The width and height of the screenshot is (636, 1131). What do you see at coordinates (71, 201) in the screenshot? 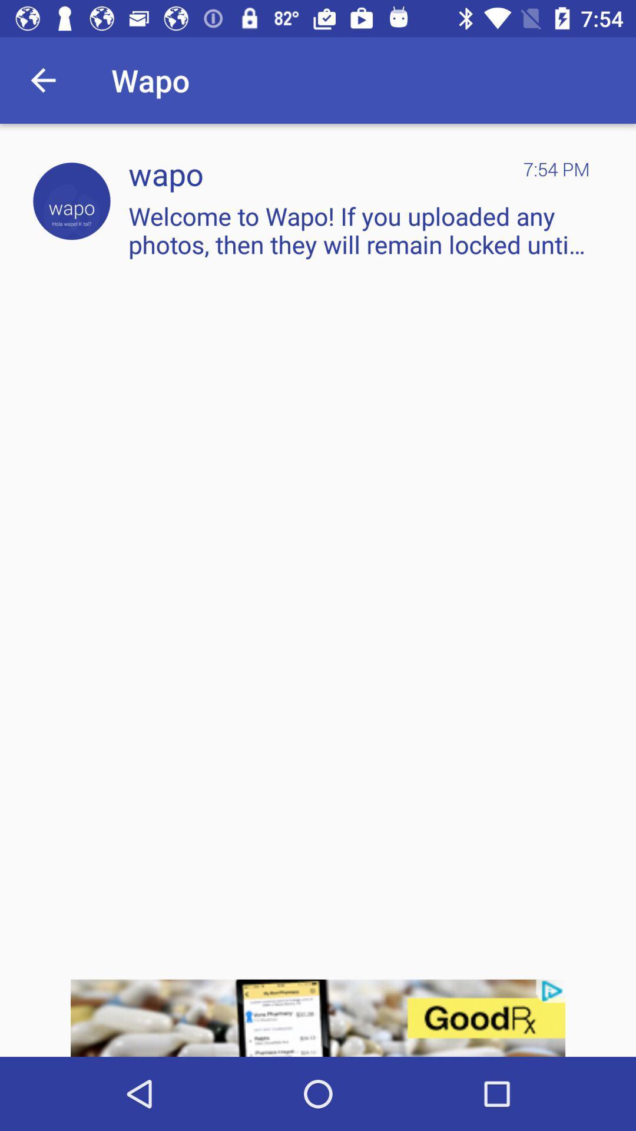
I see `open app` at bounding box center [71, 201].